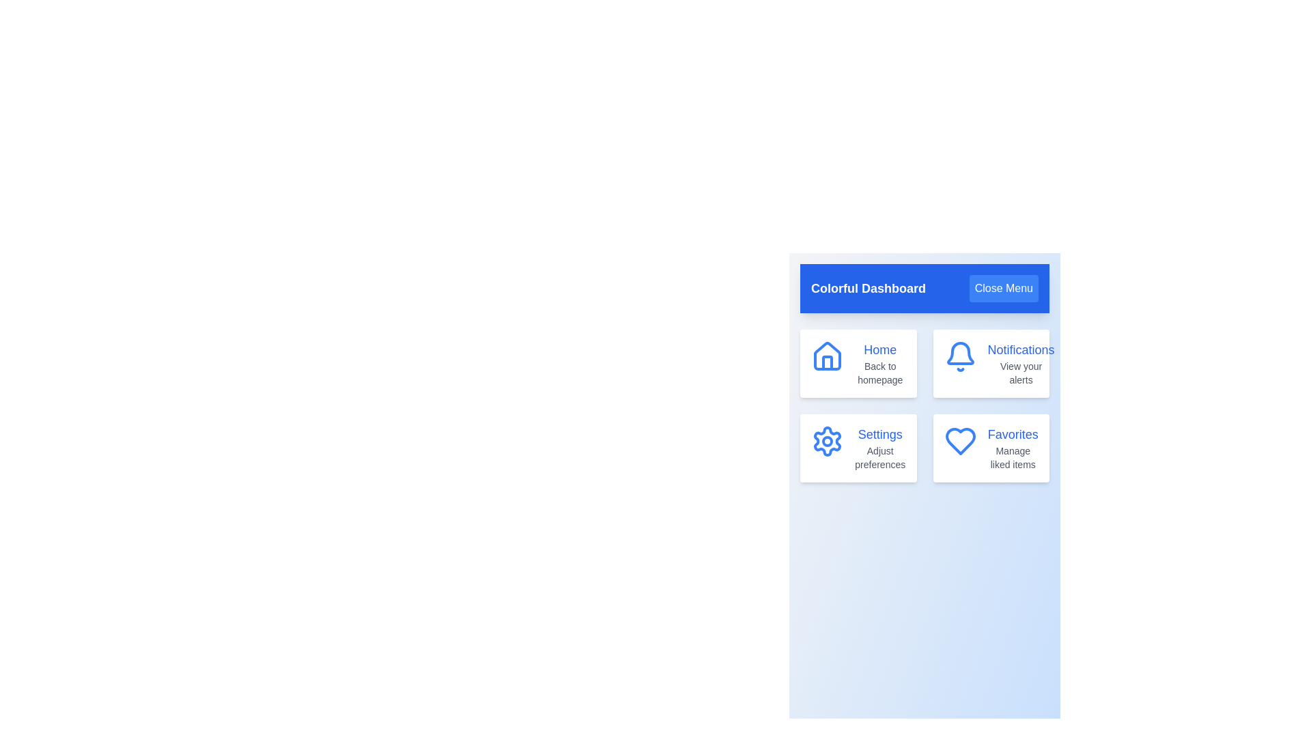 Image resolution: width=1311 pixels, height=737 pixels. What do you see at coordinates (990, 448) in the screenshot?
I see `the menu item corresponding to Favorites` at bounding box center [990, 448].